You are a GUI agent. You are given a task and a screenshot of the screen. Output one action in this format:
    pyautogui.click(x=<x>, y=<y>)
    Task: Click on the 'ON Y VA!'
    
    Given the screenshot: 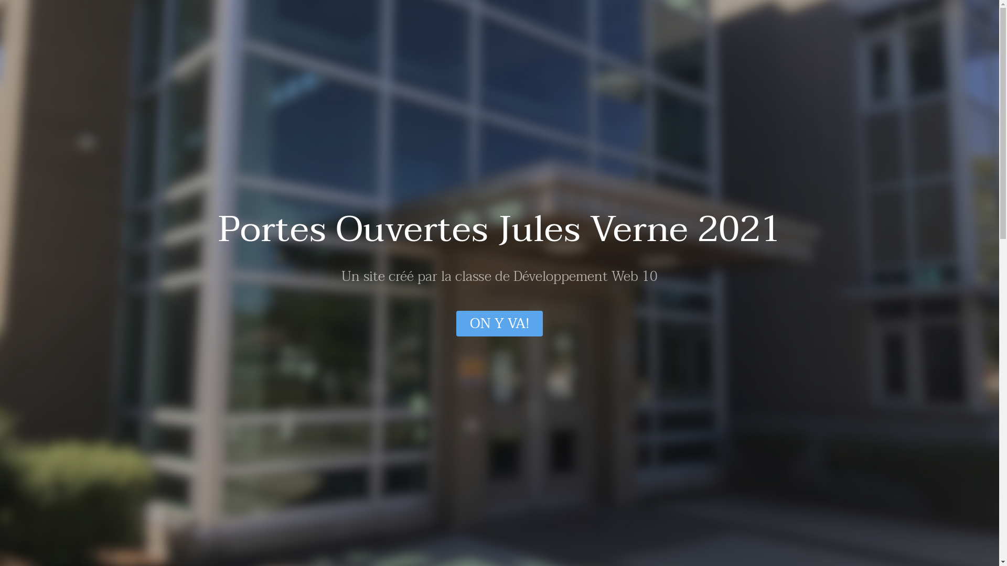 What is the action you would take?
    pyautogui.click(x=499, y=323)
    